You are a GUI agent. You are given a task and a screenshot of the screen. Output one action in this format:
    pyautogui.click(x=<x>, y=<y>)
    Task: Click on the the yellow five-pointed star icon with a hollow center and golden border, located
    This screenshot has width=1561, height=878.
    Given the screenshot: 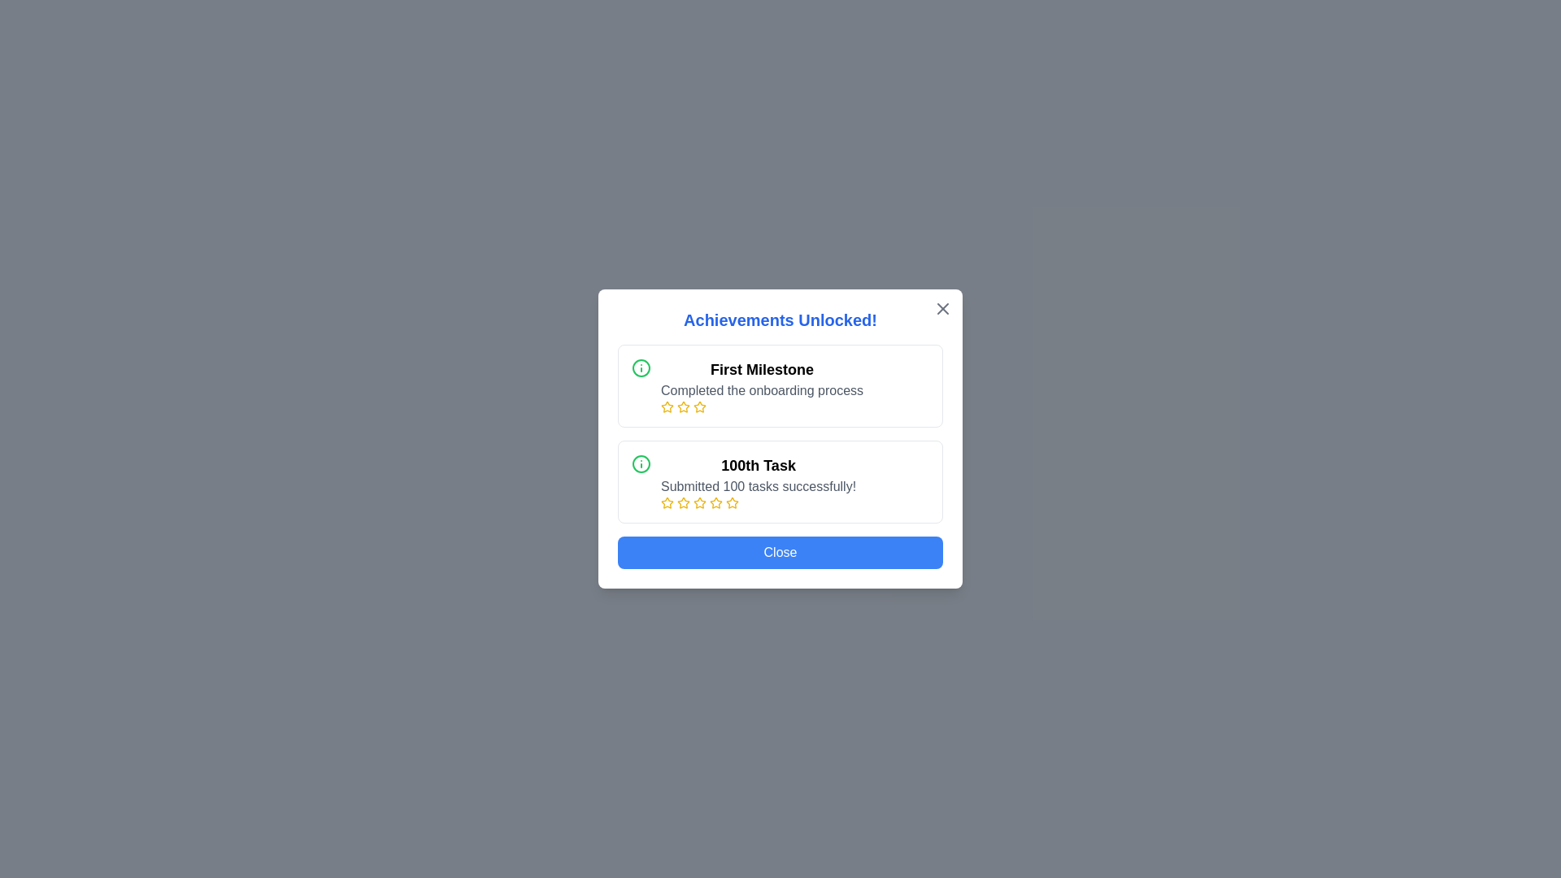 What is the action you would take?
    pyautogui.click(x=715, y=502)
    